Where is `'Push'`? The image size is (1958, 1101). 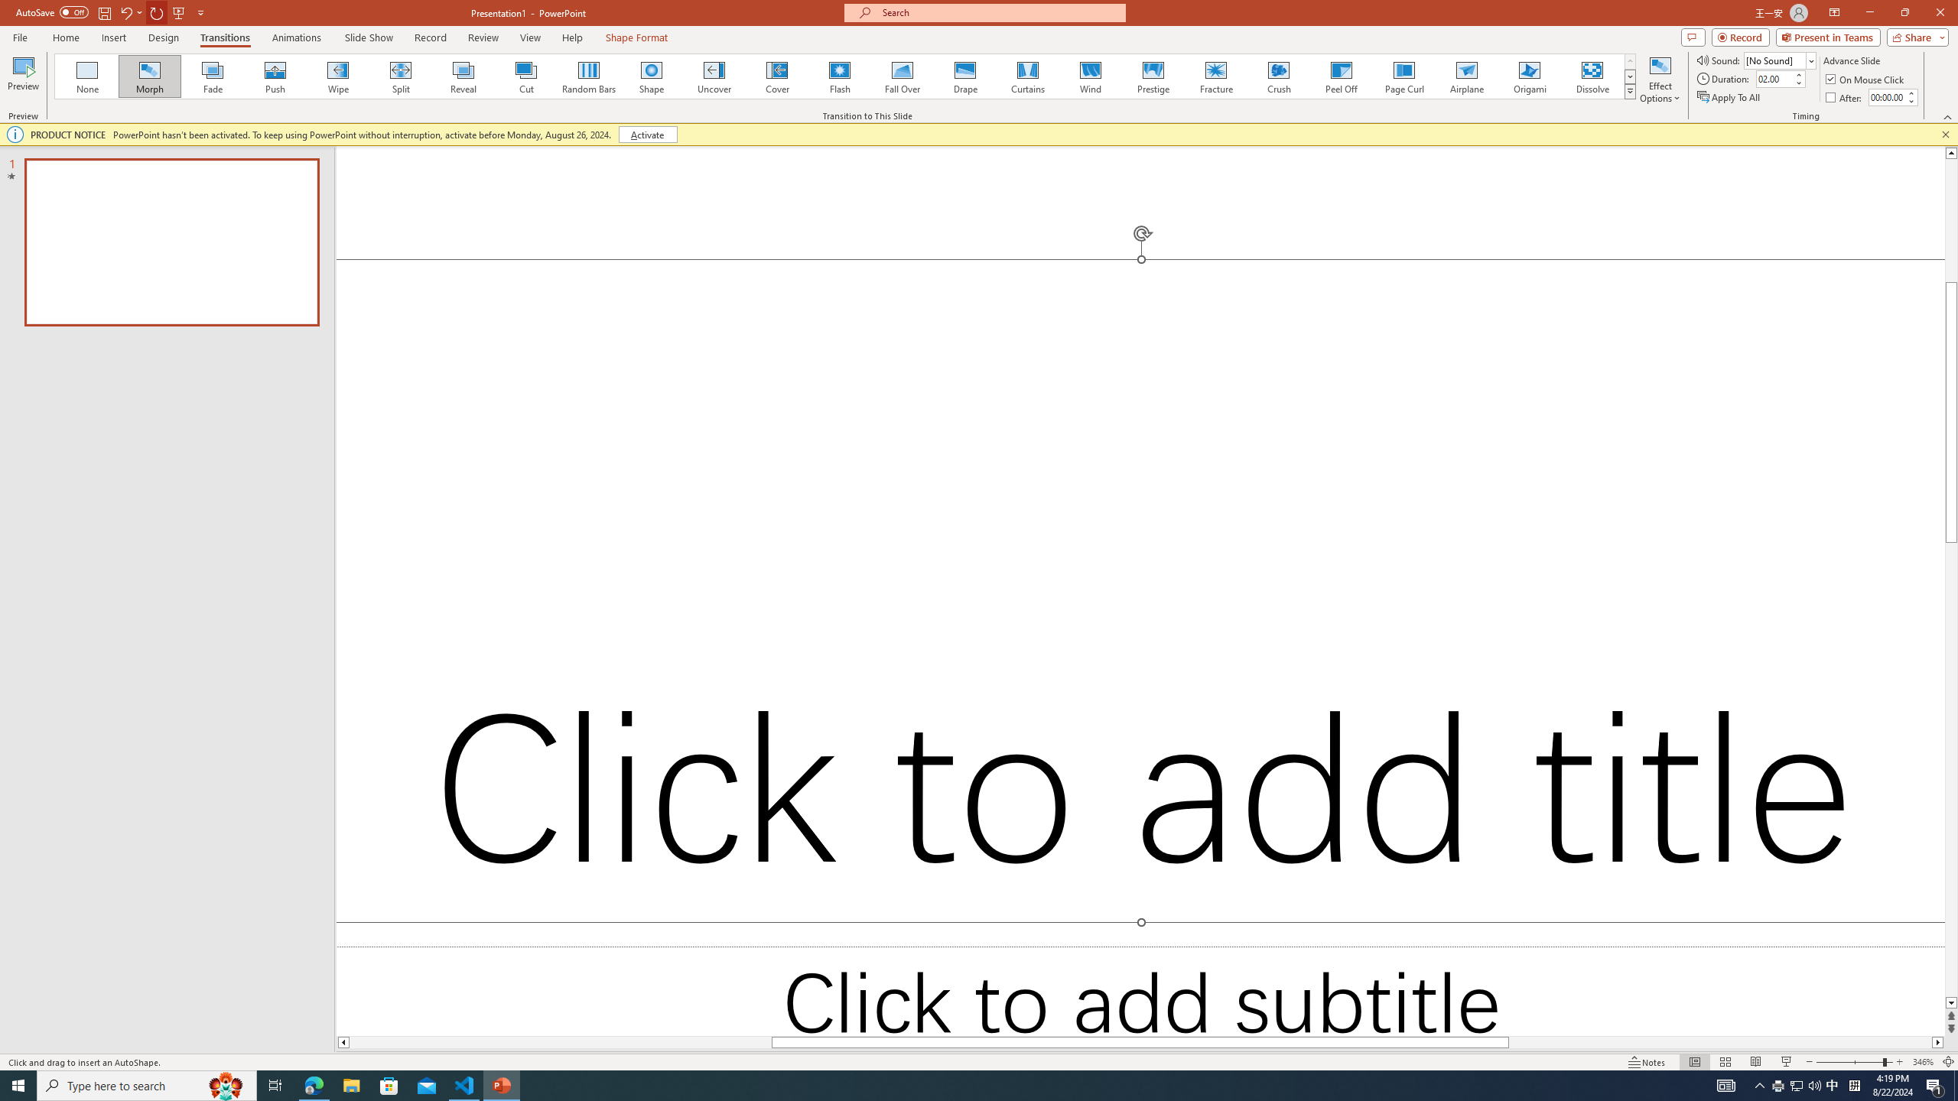 'Push' is located at coordinates (275, 76).